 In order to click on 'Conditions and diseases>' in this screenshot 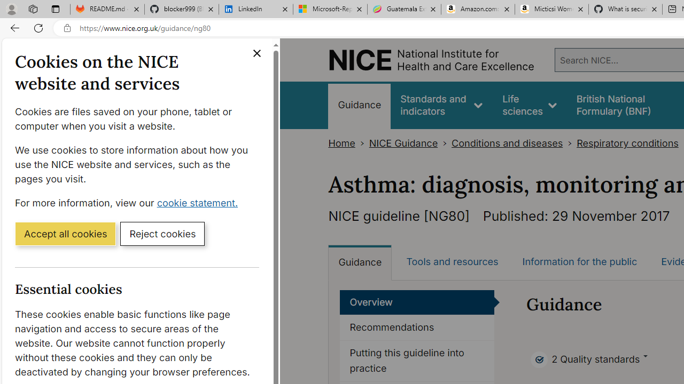, I will do `click(514, 143)`.